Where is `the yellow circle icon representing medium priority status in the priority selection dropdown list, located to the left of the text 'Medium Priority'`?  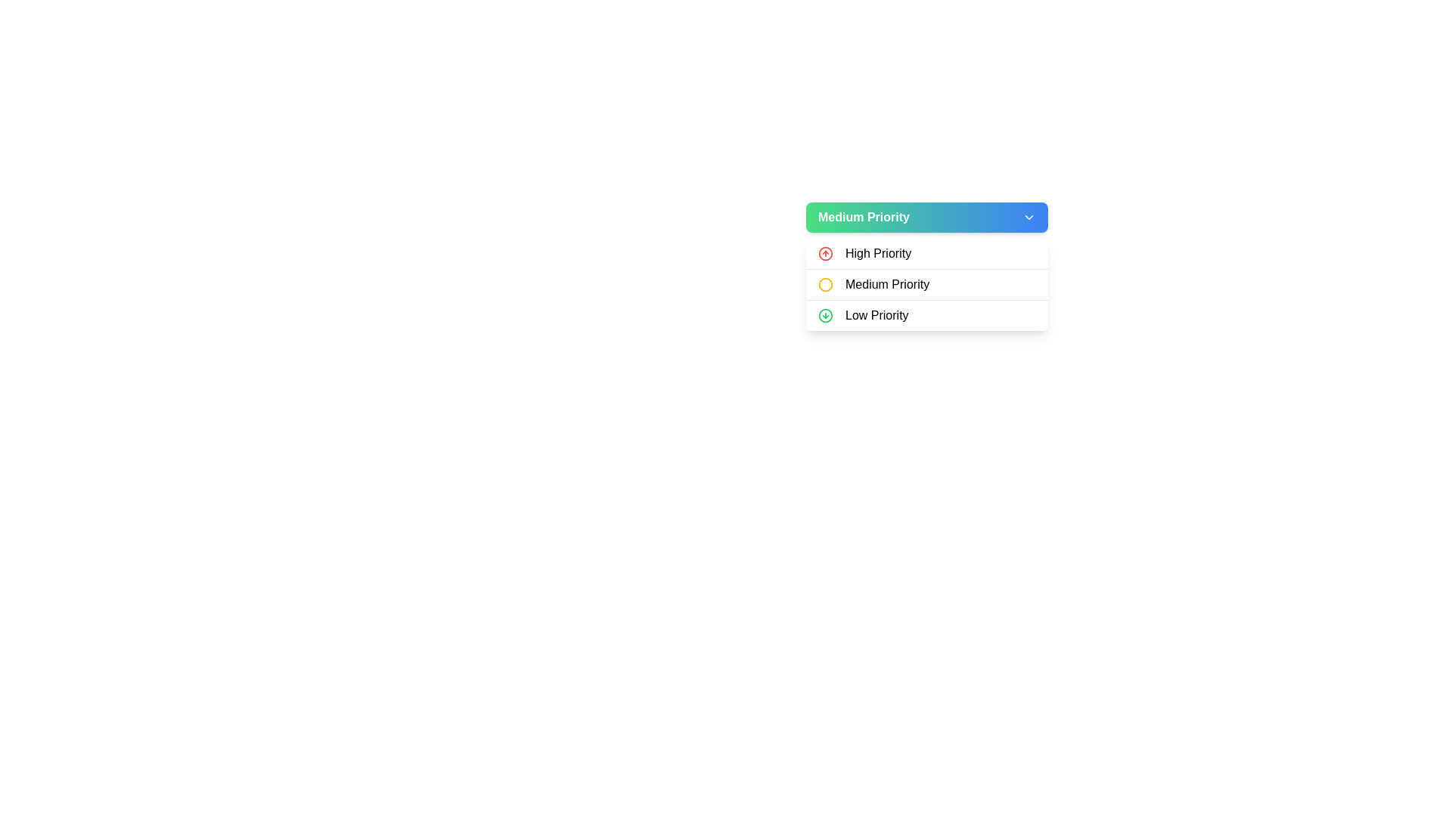
the yellow circle icon representing medium priority status in the priority selection dropdown list, located to the left of the text 'Medium Priority' is located at coordinates (824, 285).